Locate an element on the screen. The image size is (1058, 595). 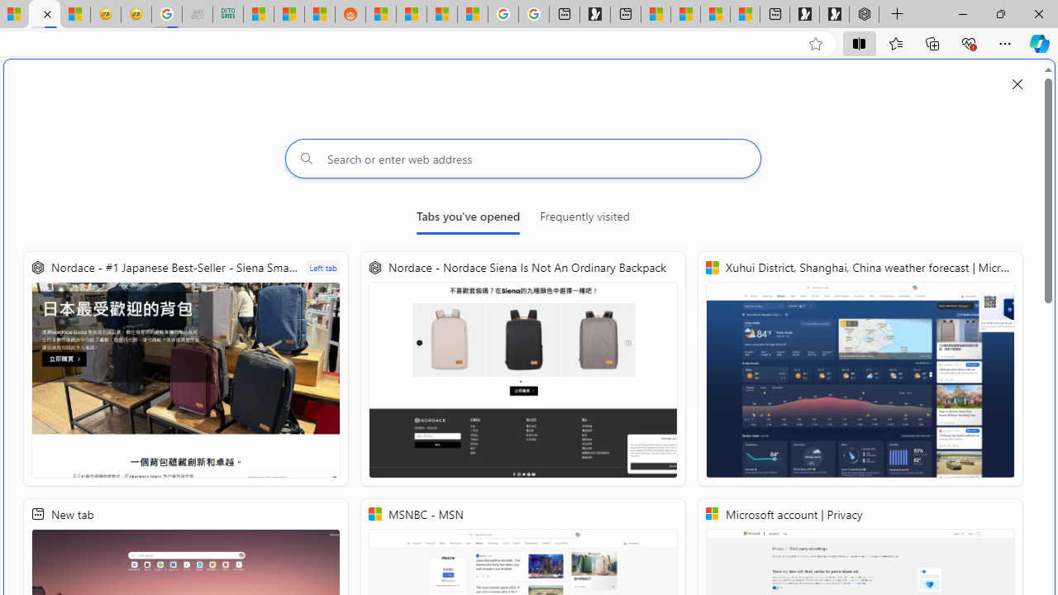
'Minimize' is located at coordinates (962, 13).